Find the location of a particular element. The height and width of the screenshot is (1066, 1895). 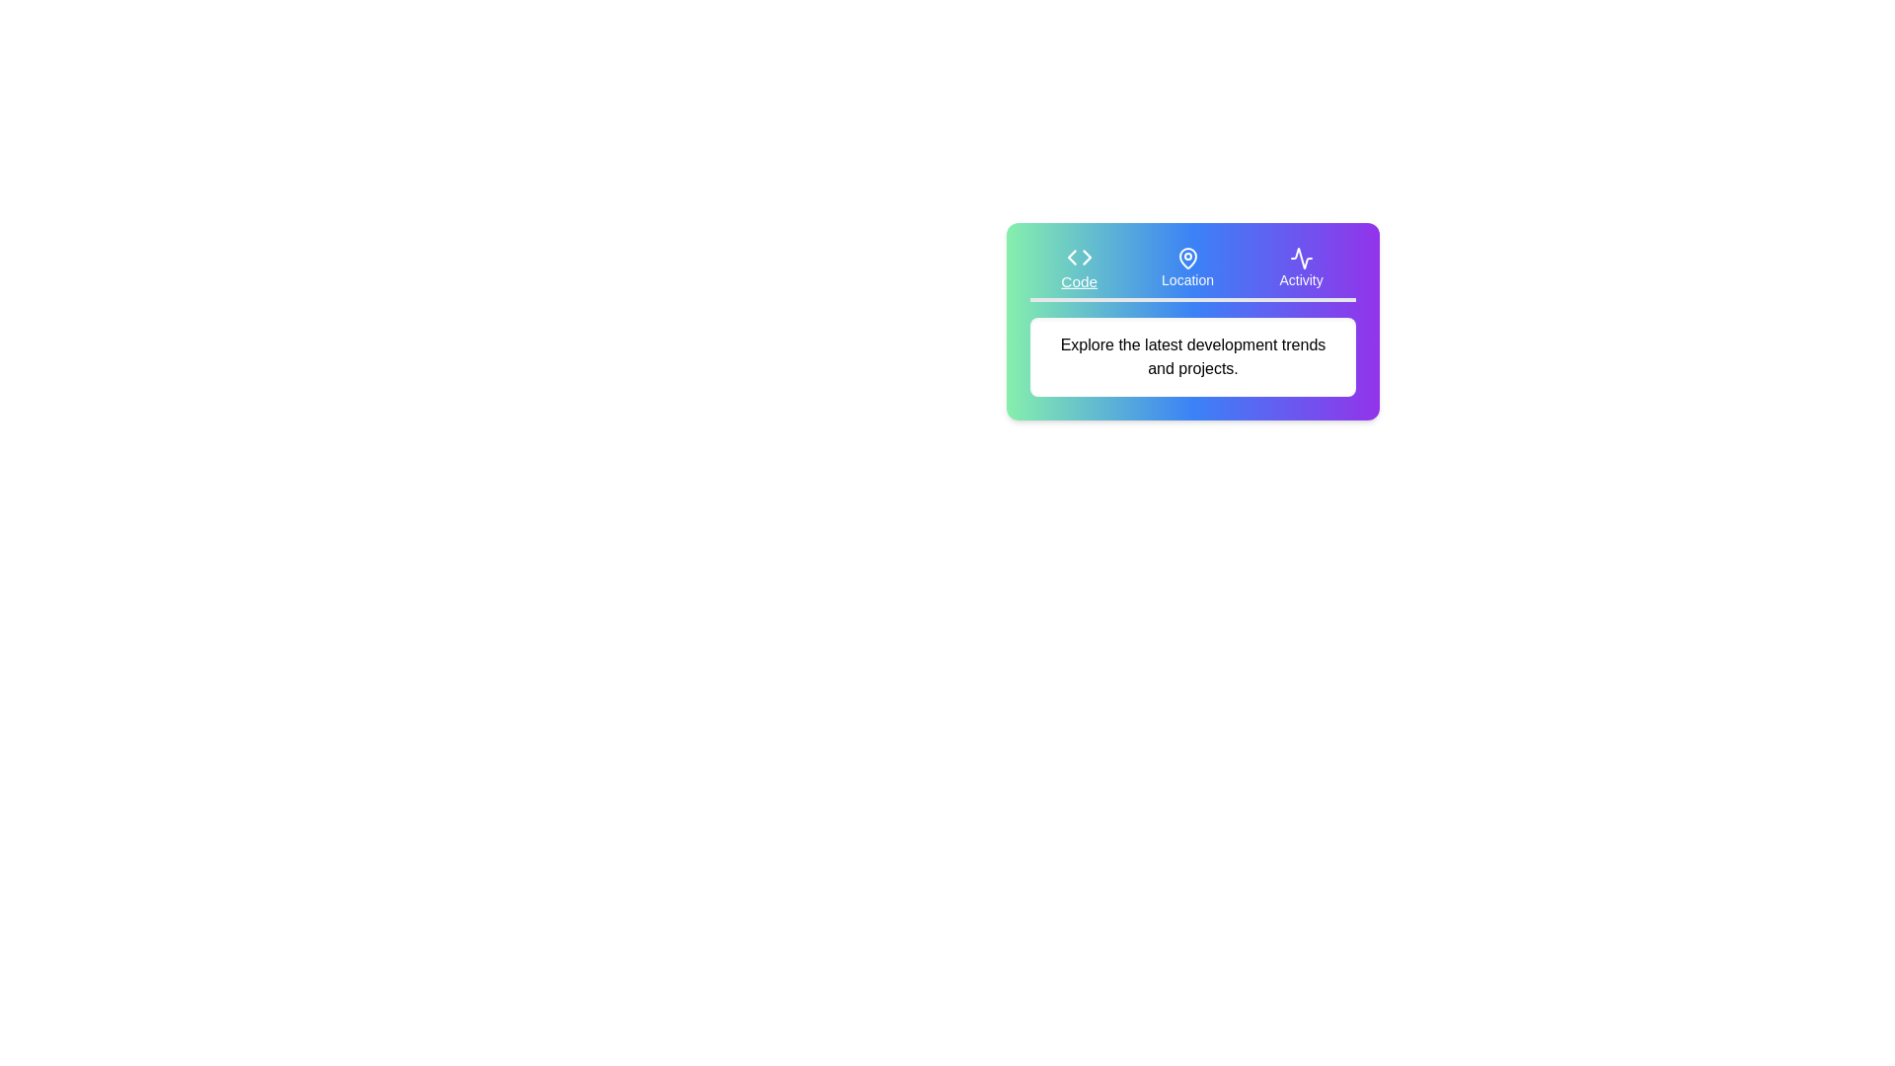

the tab button labeled Location to observe its hover effect is located at coordinates (1186, 268).